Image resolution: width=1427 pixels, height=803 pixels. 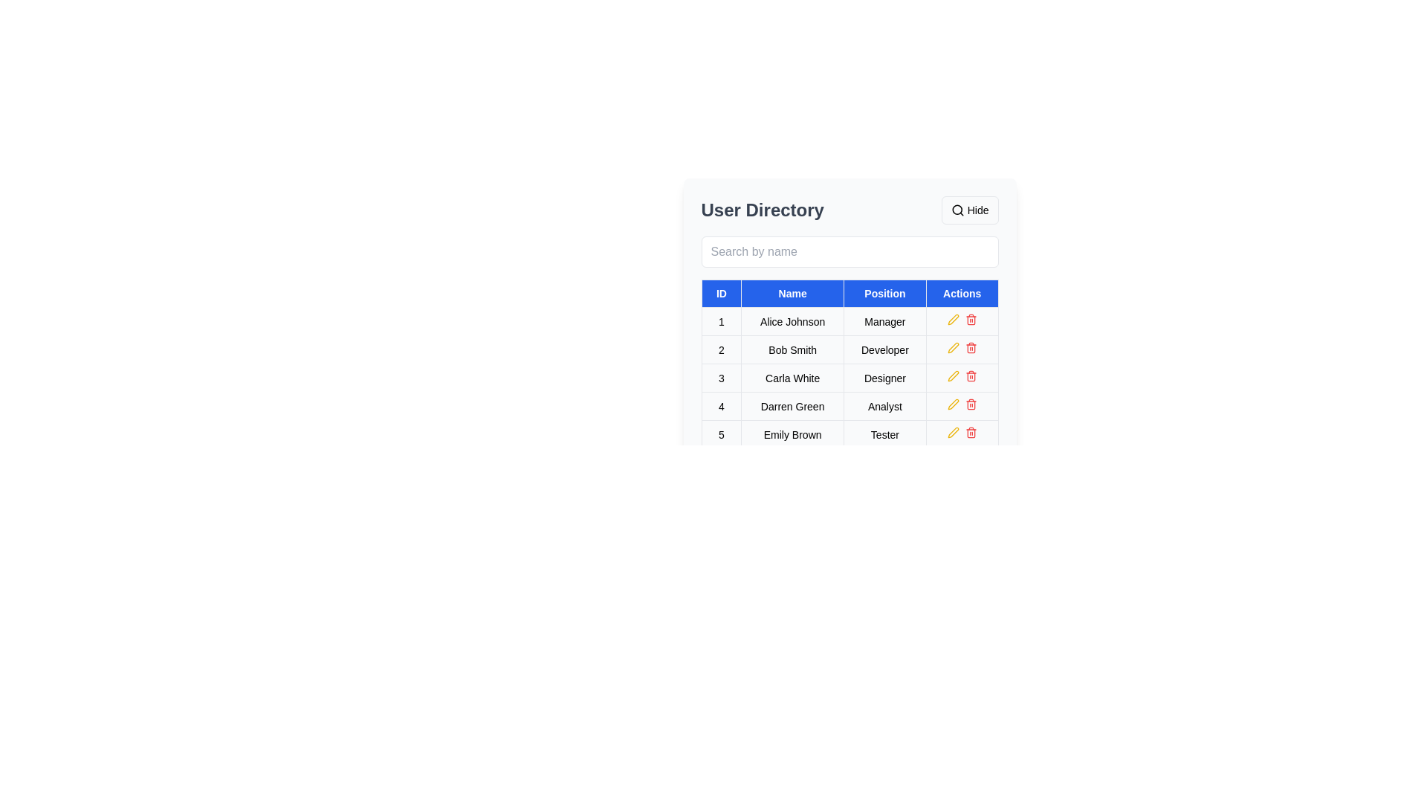 I want to click on the trash can icon button in the 'Actions' column of the first row of the table, so click(x=971, y=318).